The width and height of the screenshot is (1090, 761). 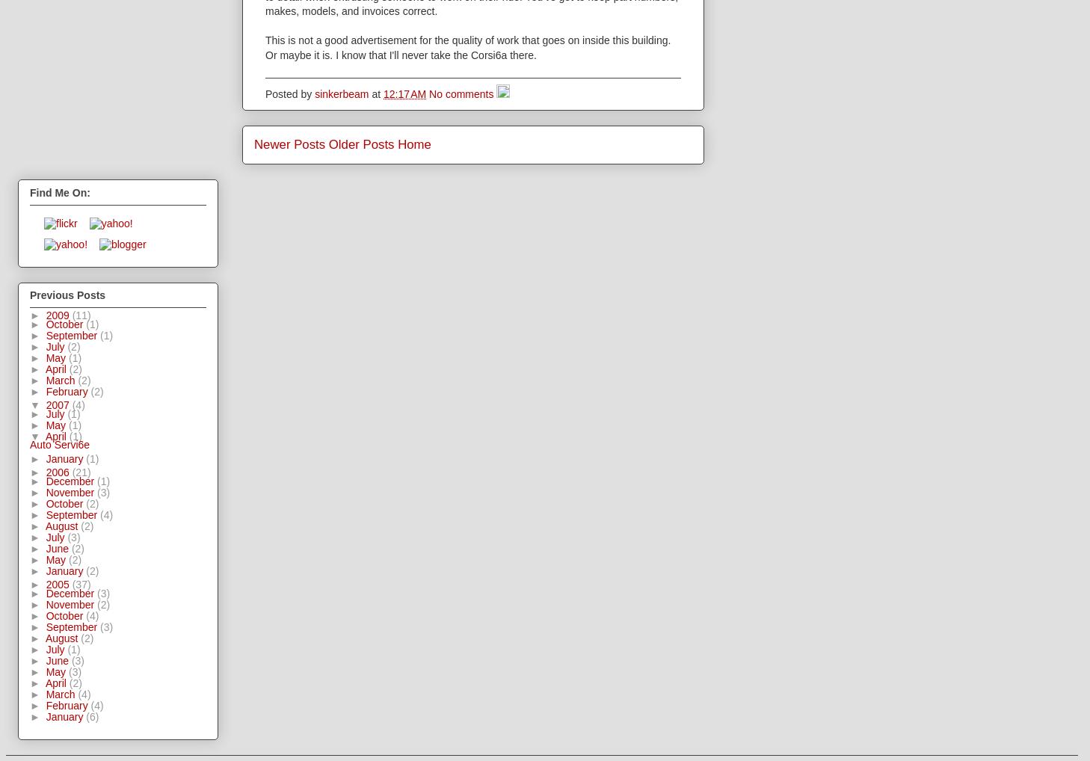 What do you see at coordinates (361, 144) in the screenshot?
I see `'Older Posts'` at bounding box center [361, 144].